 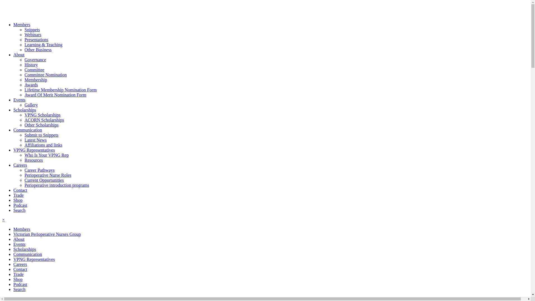 I want to click on 'Snippets', so click(x=32, y=30).